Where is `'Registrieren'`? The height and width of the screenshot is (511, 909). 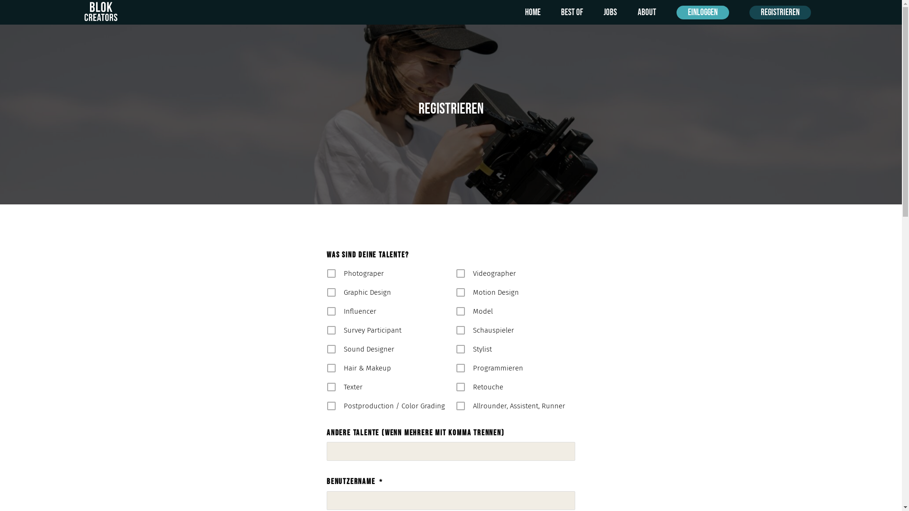 'Registrieren' is located at coordinates (780, 12).